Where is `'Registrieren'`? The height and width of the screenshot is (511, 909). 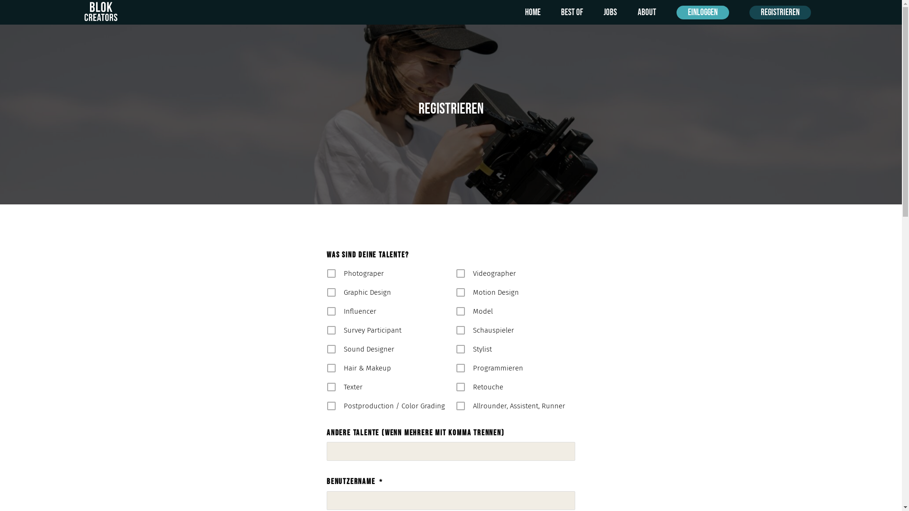 'Registrieren' is located at coordinates (780, 12).